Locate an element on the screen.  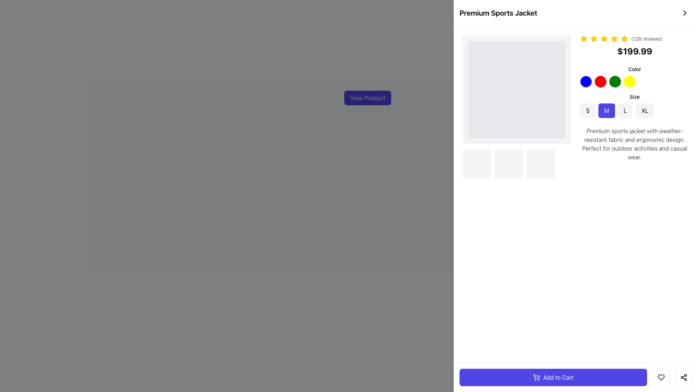
the visual presence of the fifth yellow star icon in the rating component above the product price for 'Premium Sports Jacket.' is located at coordinates (614, 38).